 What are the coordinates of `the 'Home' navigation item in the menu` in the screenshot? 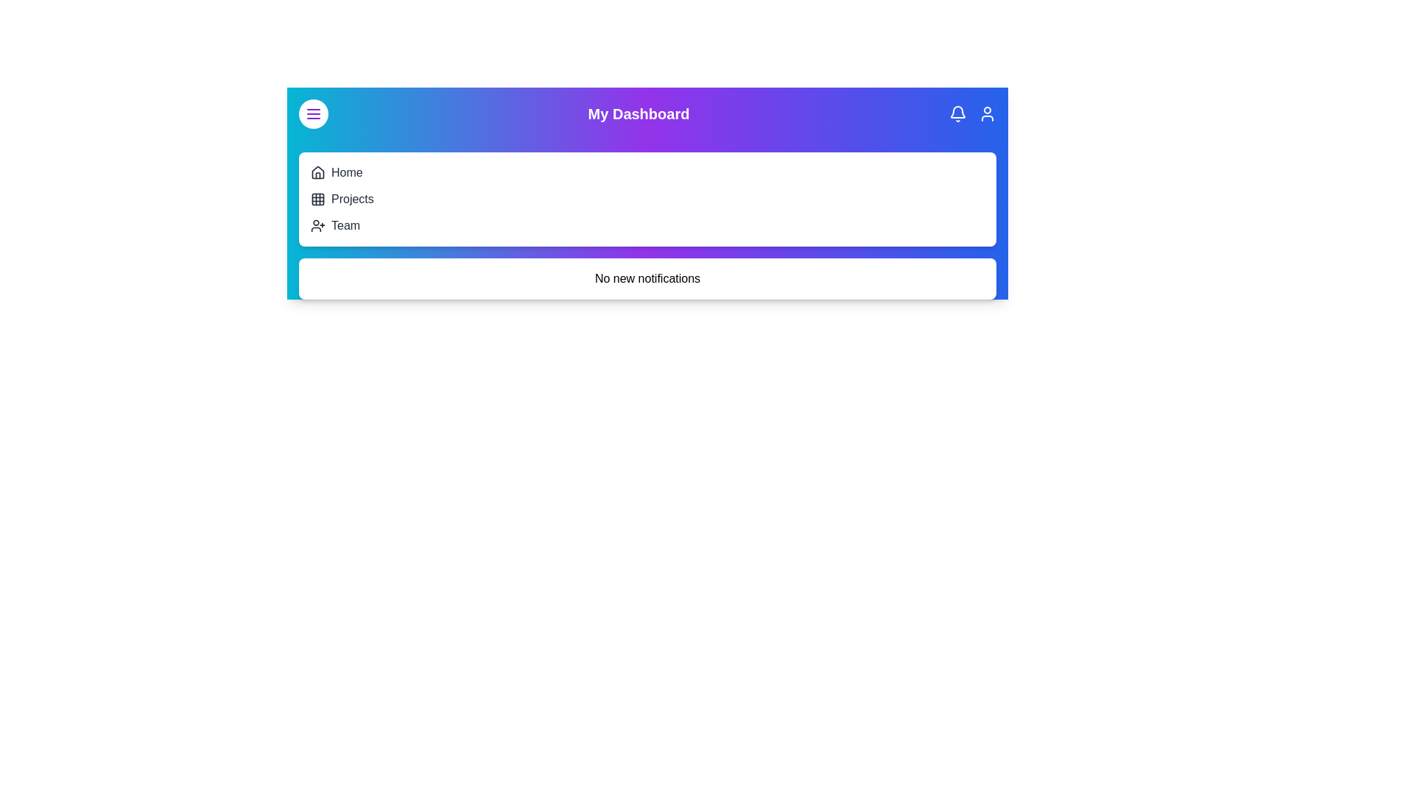 It's located at (345, 172).